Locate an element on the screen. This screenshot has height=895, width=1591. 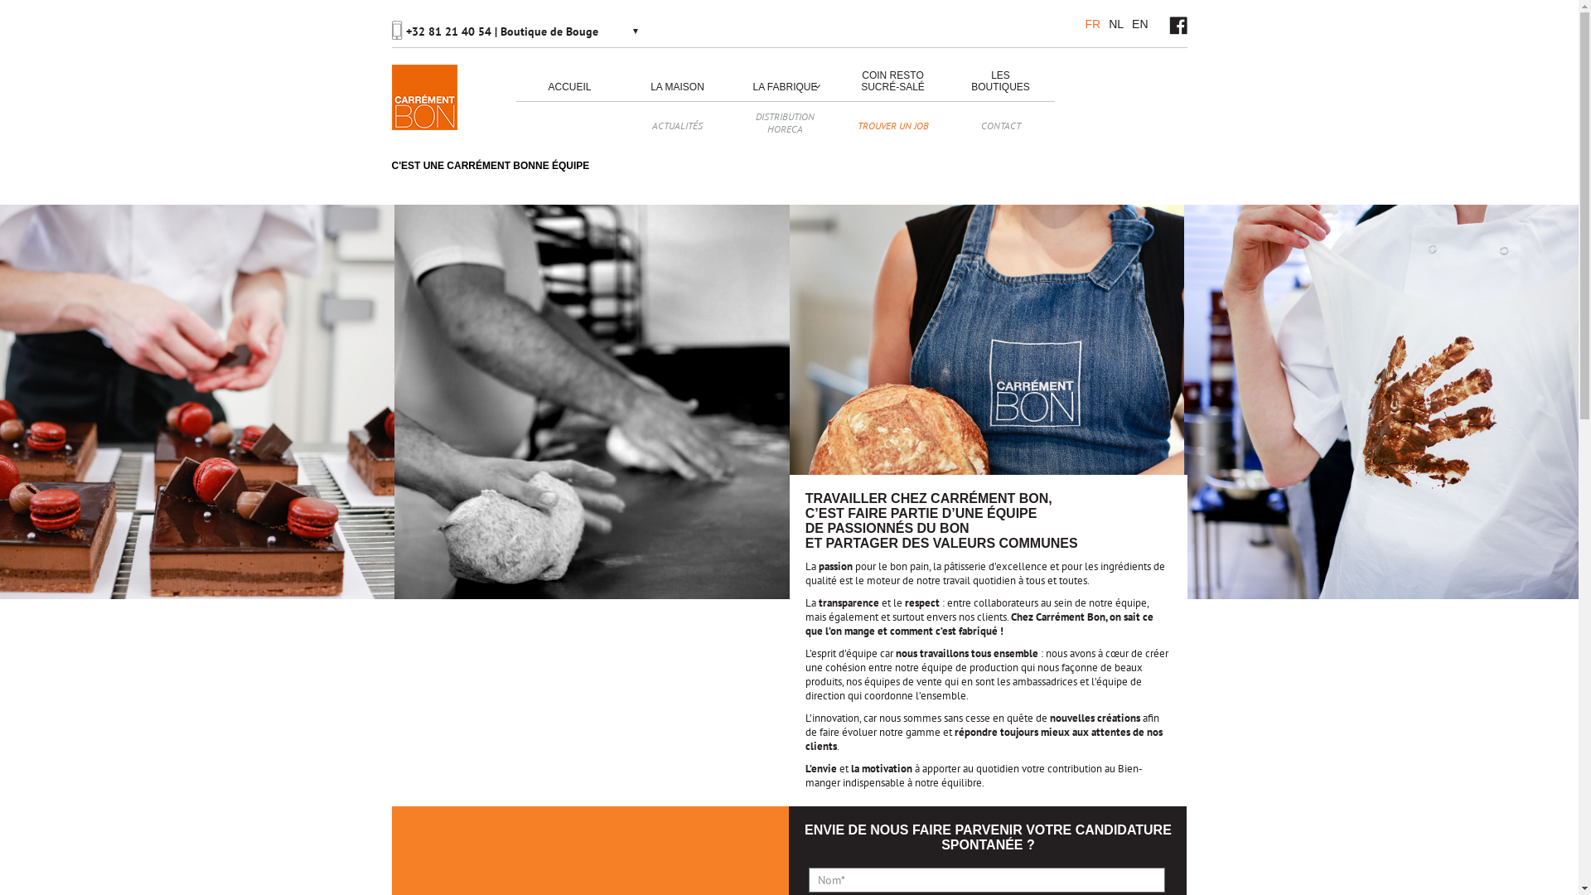
'DISTRIBUTION HORECA' is located at coordinates (730, 121).